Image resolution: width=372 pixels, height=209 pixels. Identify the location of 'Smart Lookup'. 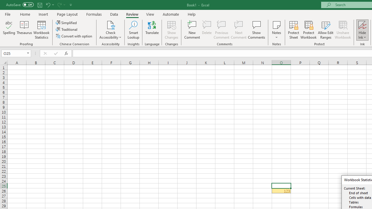
(133, 30).